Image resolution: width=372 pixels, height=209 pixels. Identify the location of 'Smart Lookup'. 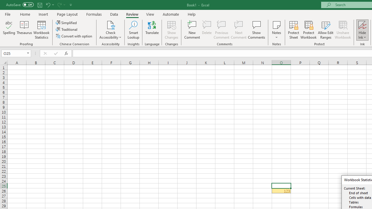
(133, 30).